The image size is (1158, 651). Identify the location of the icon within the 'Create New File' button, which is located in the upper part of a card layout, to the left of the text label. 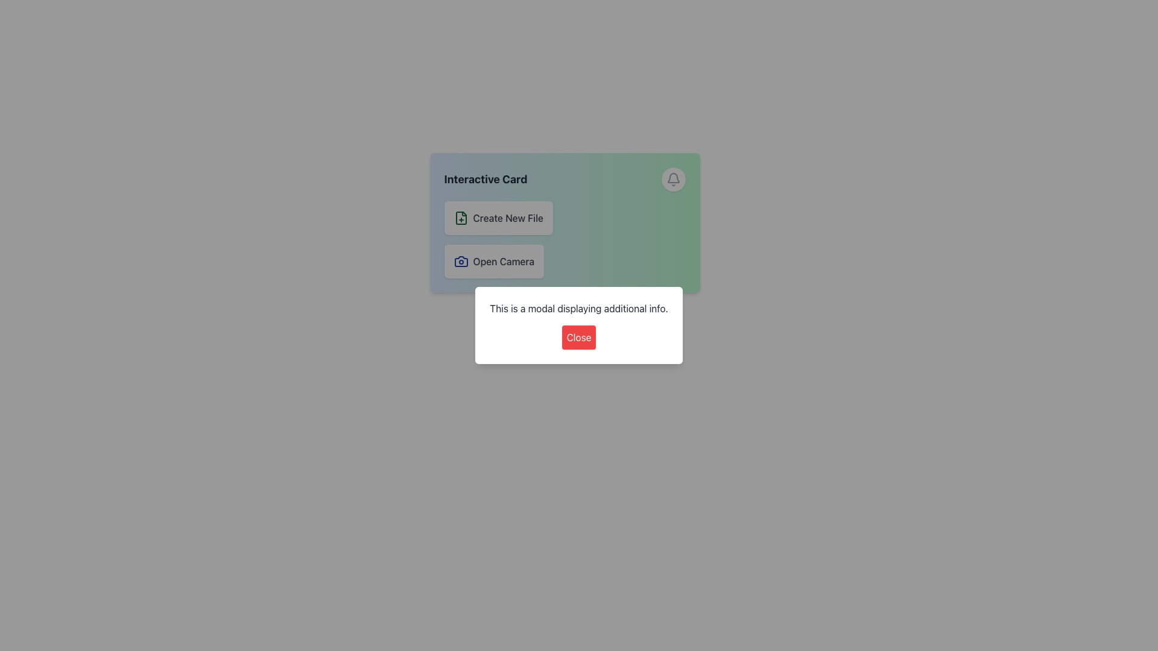
(460, 218).